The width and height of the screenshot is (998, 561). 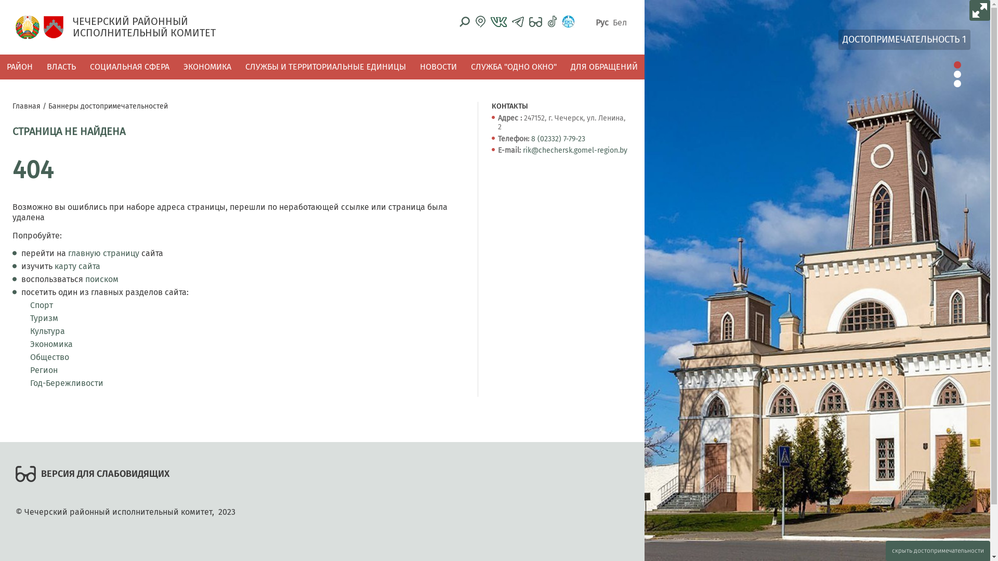 What do you see at coordinates (531, 138) in the screenshot?
I see `'8 (02332) 7-79-23'` at bounding box center [531, 138].